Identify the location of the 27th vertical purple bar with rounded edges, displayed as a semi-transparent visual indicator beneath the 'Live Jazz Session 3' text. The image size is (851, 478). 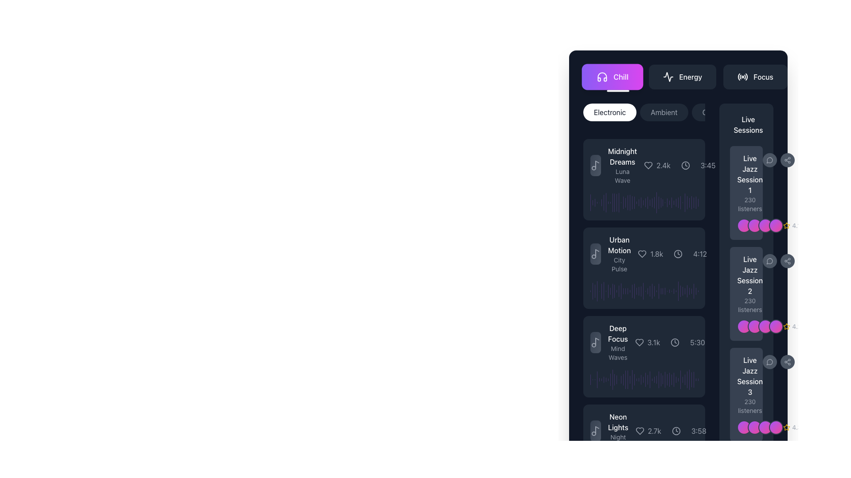
(643, 379).